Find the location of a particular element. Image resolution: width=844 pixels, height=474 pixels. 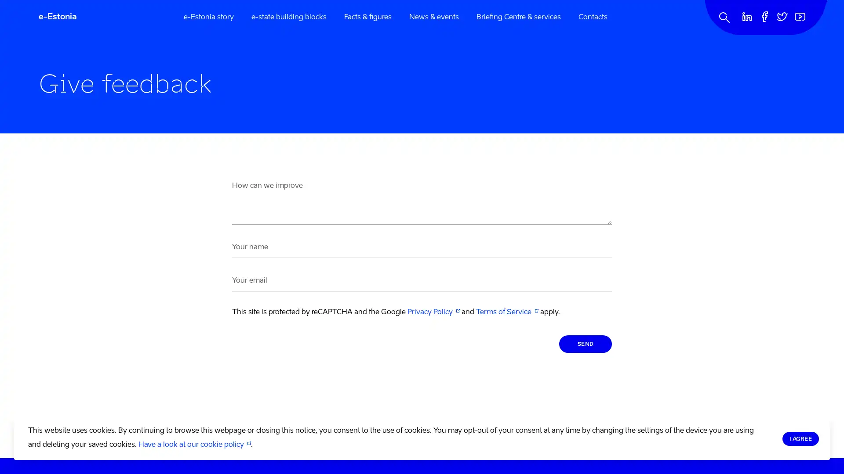

I AGREE is located at coordinates (800, 438).